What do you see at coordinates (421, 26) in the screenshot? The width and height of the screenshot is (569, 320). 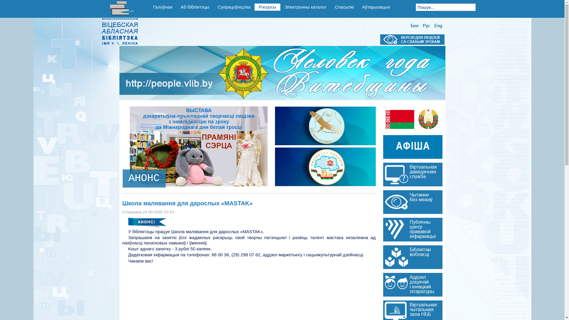 I see `'Russian(RU)'` at bounding box center [421, 26].